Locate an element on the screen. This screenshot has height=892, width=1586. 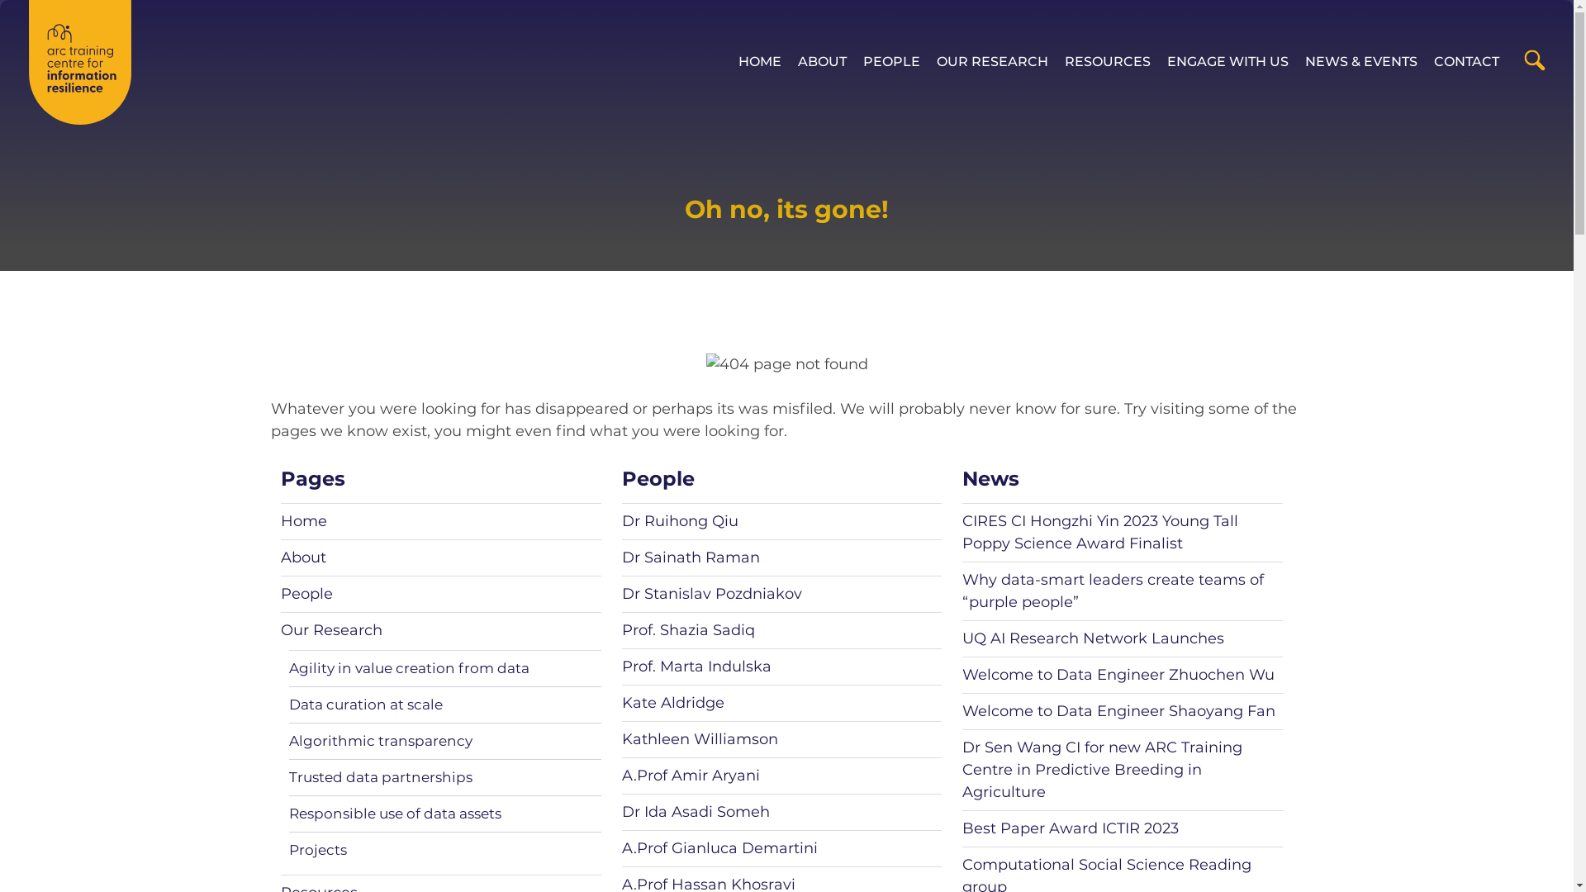
'RESOURCES' is located at coordinates (1107, 60).